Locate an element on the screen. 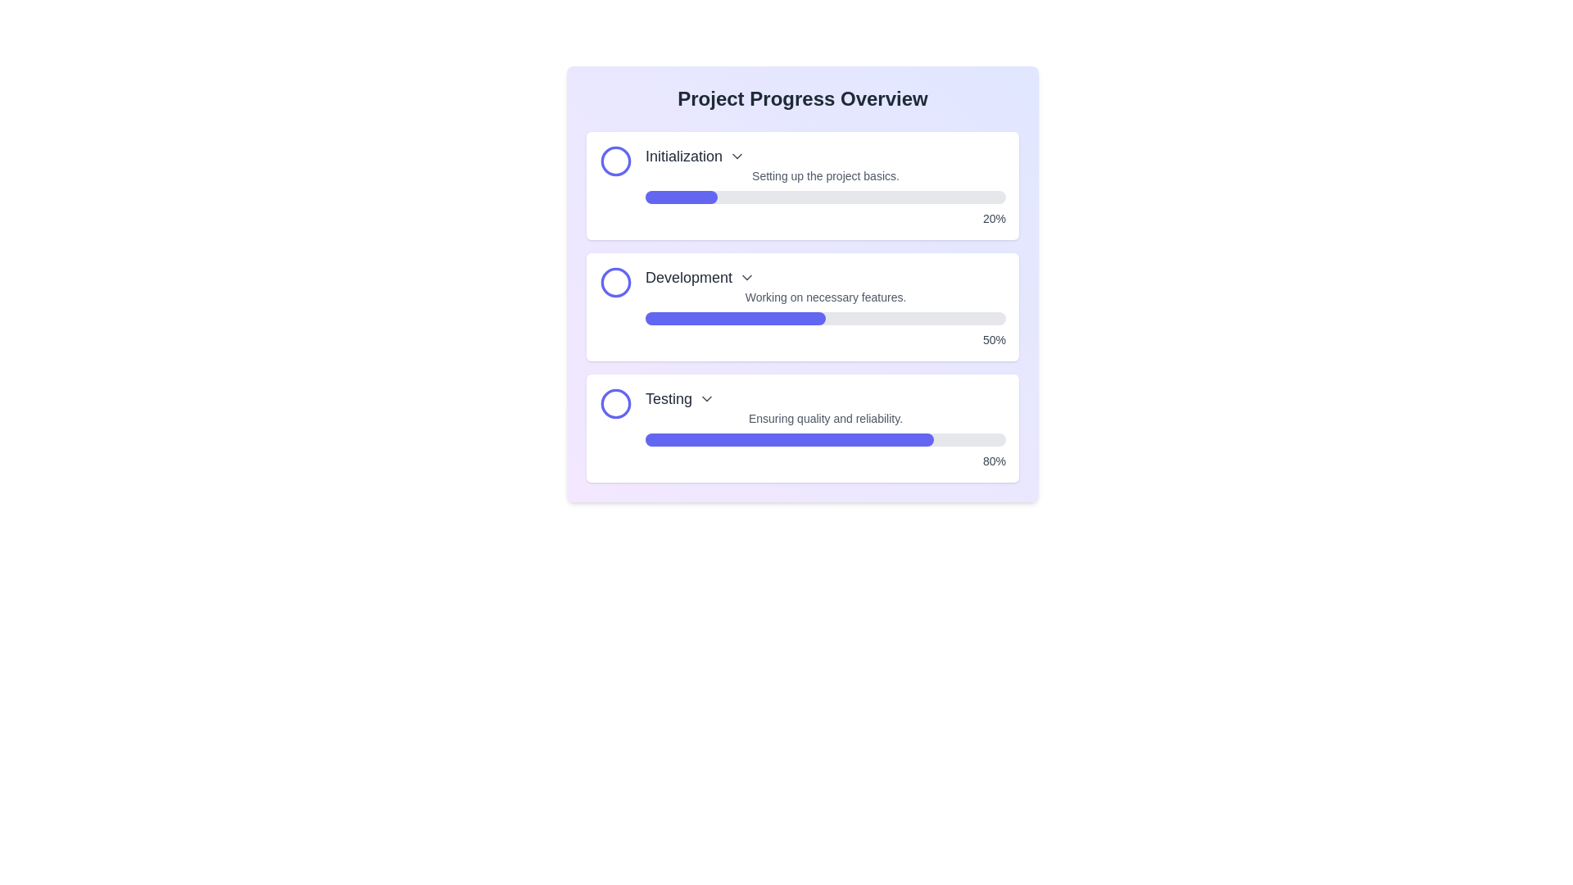 This screenshot has width=1573, height=885. the static text element that provides additional information about the 'Initialization' phase in the project progress tracker, located inside the first card of the vertical stack is located at coordinates (826, 176).